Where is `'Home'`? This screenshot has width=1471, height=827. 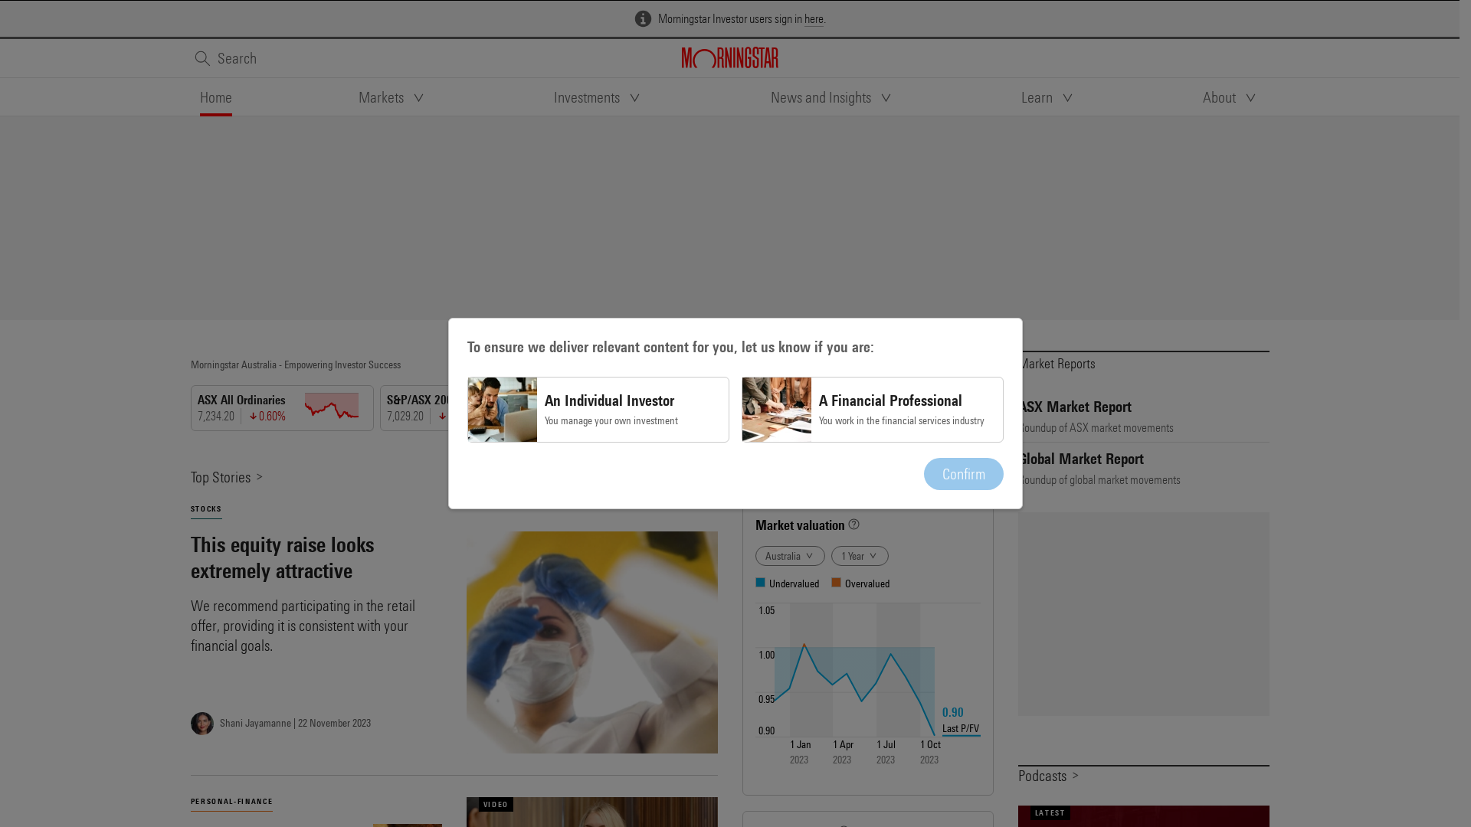 'Home' is located at coordinates (215, 97).